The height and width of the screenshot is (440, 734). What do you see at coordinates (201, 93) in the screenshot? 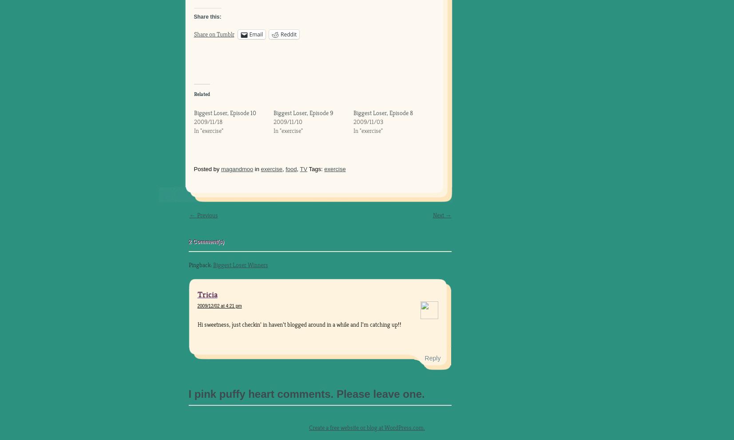
I see `'Related'` at bounding box center [201, 93].